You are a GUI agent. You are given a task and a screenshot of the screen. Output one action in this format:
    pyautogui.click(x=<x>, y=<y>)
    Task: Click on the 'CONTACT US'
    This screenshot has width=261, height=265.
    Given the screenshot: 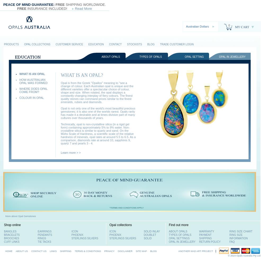 What is the action you would take?
    pyautogui.click(x=38, y=251)
    